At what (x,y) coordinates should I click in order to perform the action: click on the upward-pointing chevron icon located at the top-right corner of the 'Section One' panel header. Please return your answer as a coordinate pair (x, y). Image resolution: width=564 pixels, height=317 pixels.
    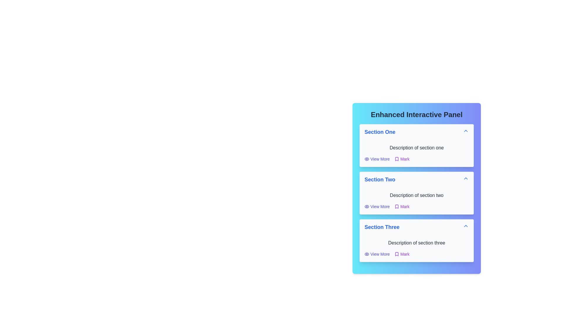
    Looking at the image, I should click on (465, 131).